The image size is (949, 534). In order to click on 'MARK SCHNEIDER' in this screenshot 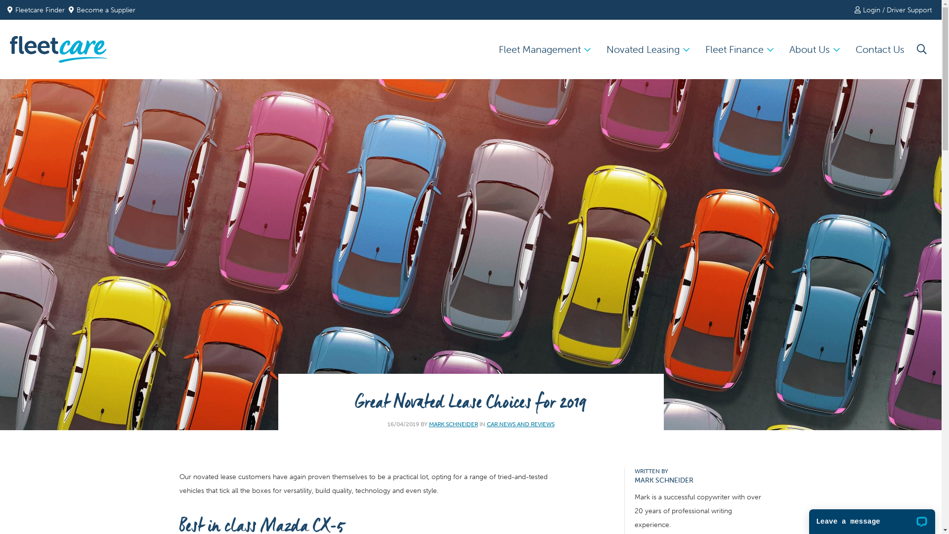, I will do `click(453, 423)`.